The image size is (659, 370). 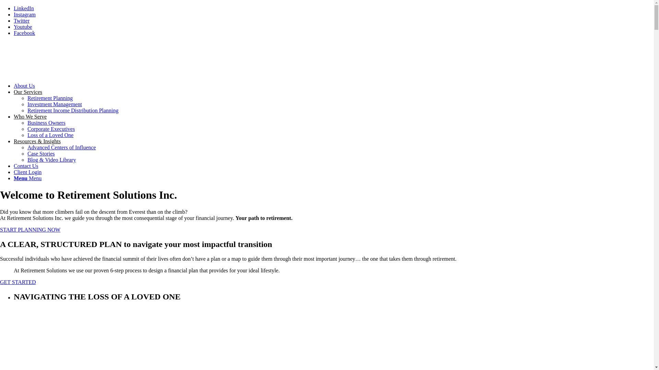 I want to click on 'START PLANNING NOW', so click(x=30, y=230).